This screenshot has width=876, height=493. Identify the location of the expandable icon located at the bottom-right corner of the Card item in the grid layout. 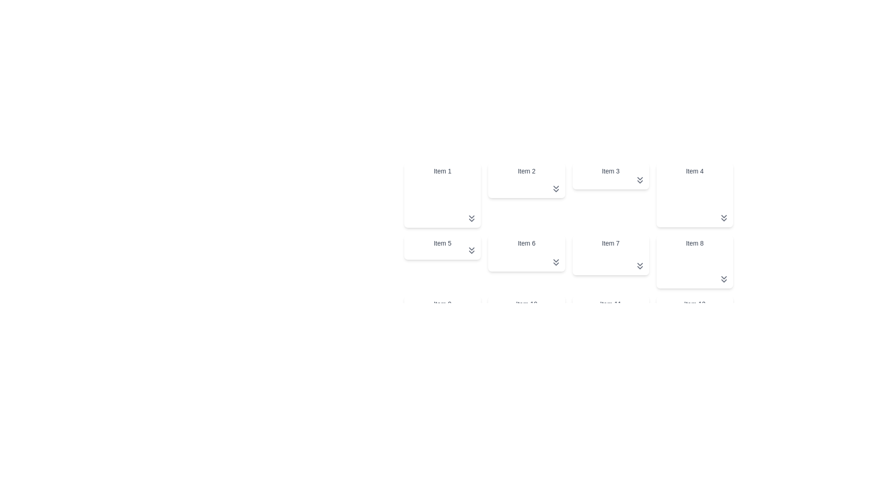
(443, 247).